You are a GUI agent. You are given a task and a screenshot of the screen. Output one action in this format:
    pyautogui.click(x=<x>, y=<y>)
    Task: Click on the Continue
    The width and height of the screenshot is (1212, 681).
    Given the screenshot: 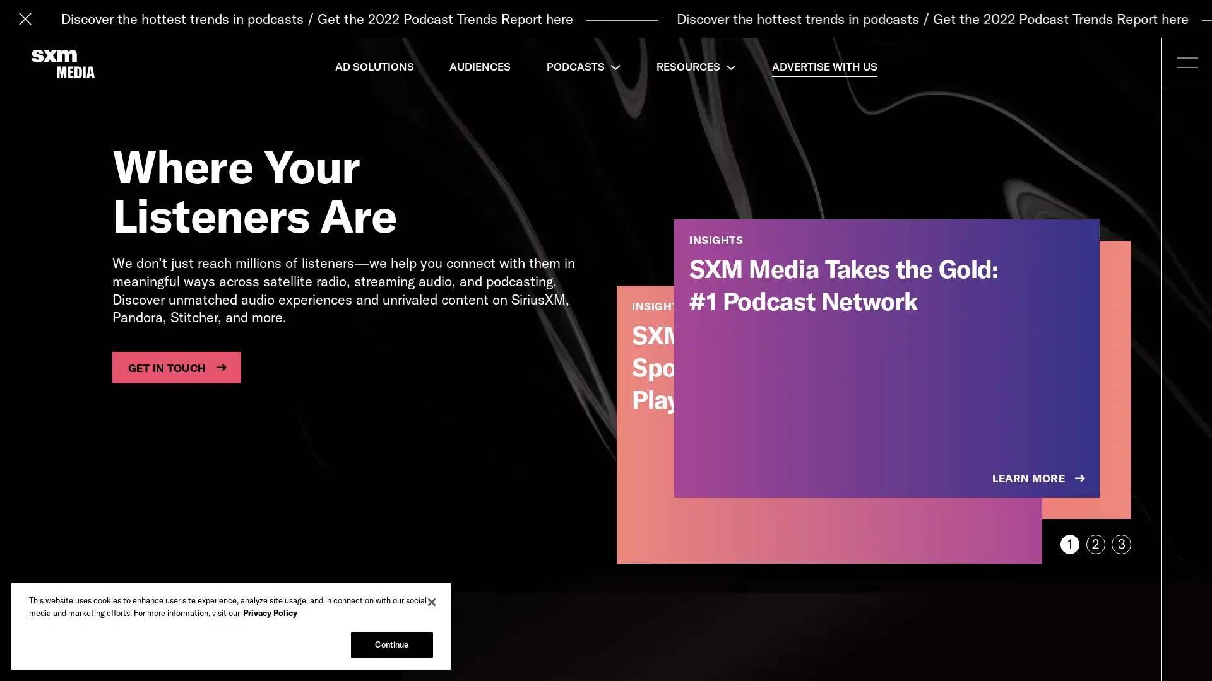 What is the action you would take?
    pyautogui.click(x=391, y=644)
    